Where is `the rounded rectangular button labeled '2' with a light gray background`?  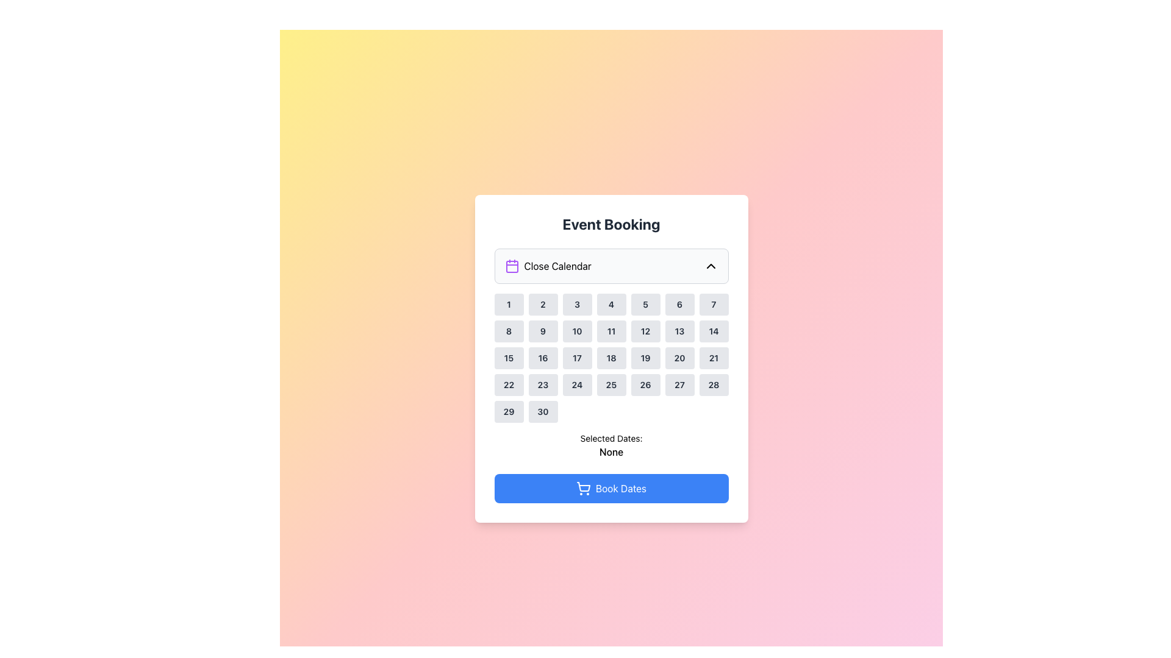 the rounded rectangular button labeled '2' with a light gray background is located at coordinates (542, 304).